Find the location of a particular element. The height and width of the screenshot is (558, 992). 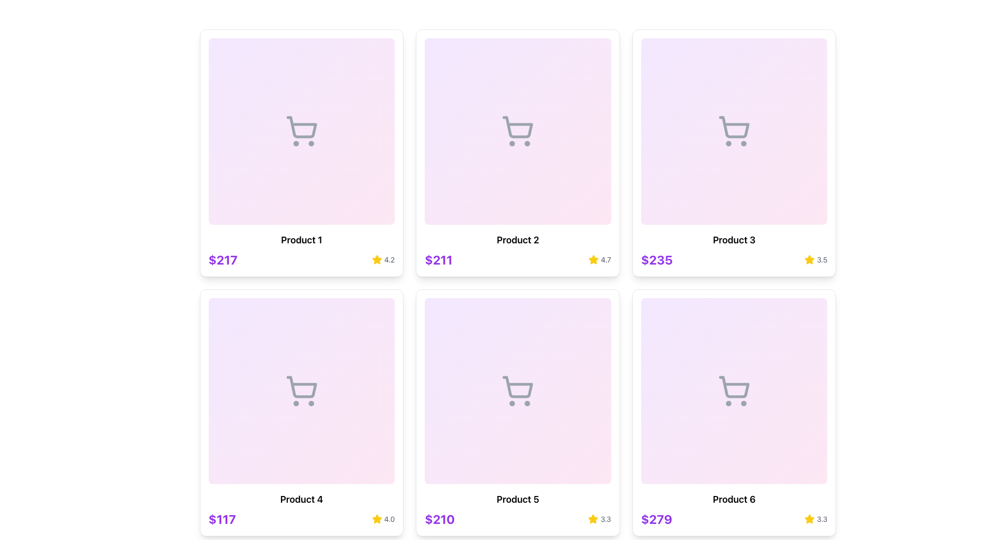

the shopping cart icon located at the top center of the 'Product 2' card is located at coordinates (518, 127).